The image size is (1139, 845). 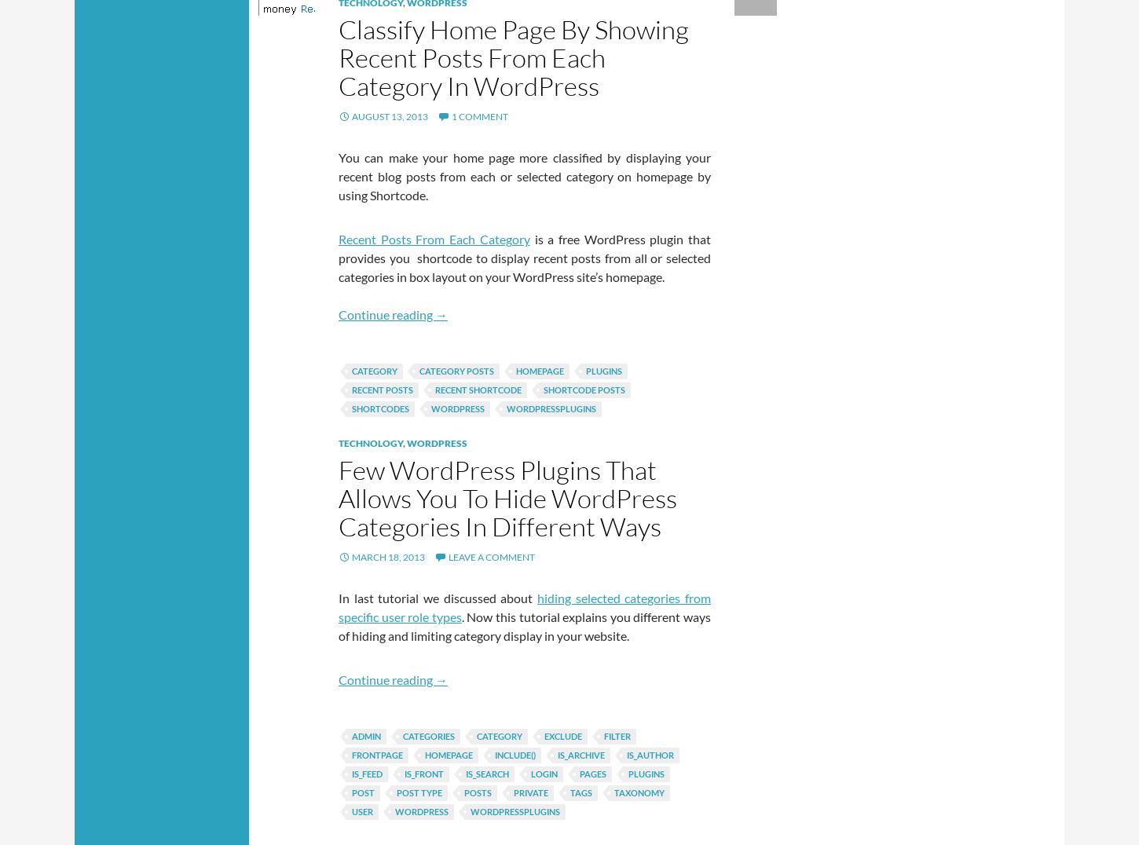 What do you see at coordinates (580, 755) in the screenshot?
I see `'is_archive'` at bounding box center [580, 755].